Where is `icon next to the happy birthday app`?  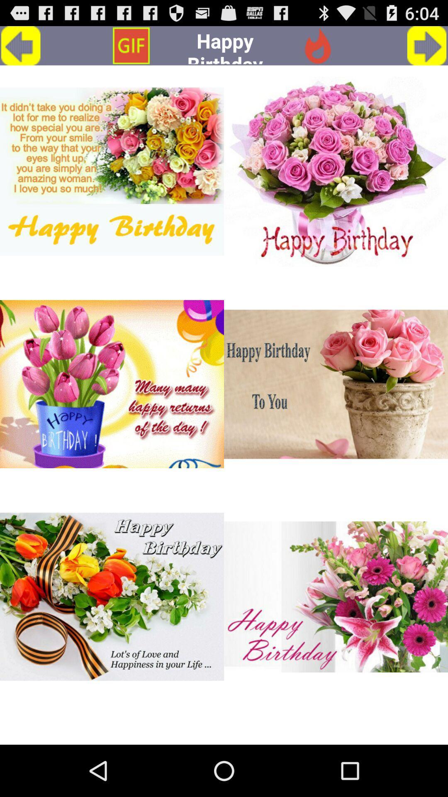 icon next to the happy birthday app is located at coordinates (317, 45).